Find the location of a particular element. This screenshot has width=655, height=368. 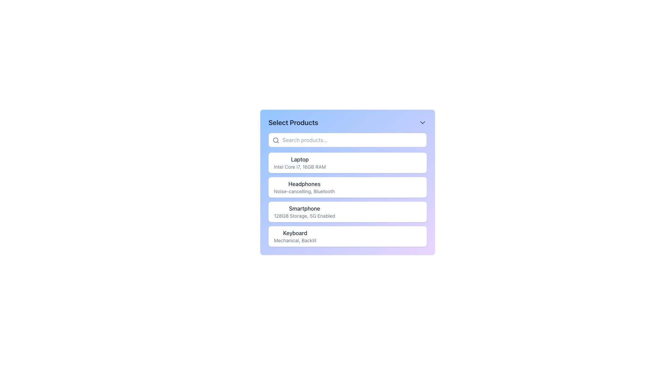

the 'Laptop' product card located below the search bar in the product list is located at coordinates (347, 163).